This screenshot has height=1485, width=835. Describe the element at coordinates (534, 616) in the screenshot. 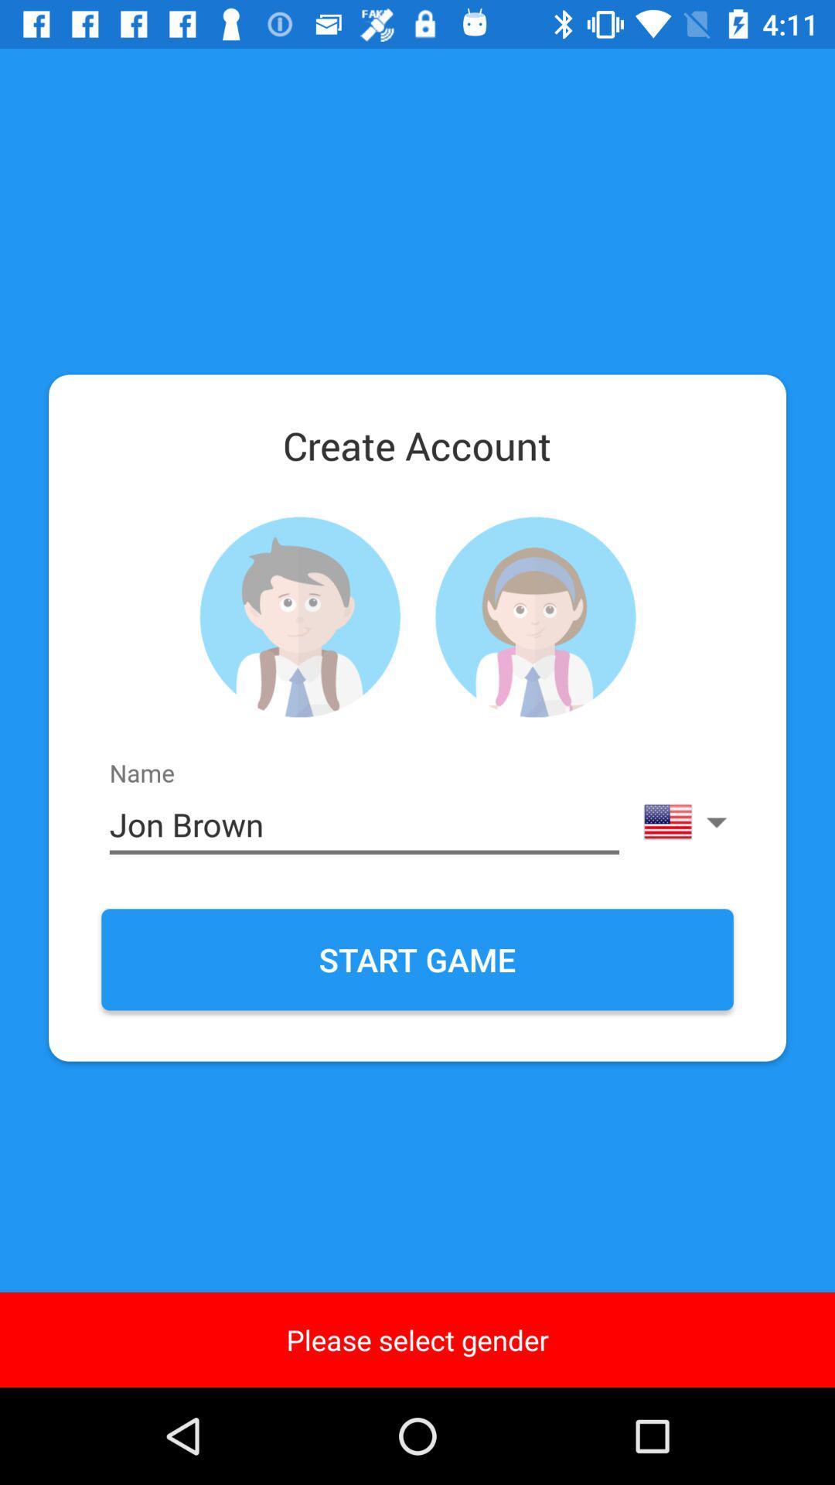

I see `female` at that location.